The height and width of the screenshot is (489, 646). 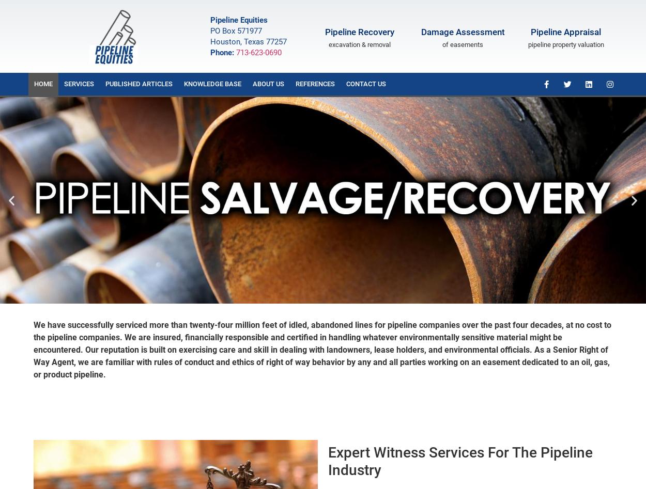 What do you see at coordinates (322, 349) in the screenshot?
I see `'We have successfully serviced more than twenty-four million feet of idled, abandoned lines for pipeline companies over the past four decades, at no cost to the pipeline companies. We are insured, financially responsible and certified in handling whatever environmentally sensitive material might be encountered. Our reputation is built on exercising care and skill in dealing with landowners, lease holders, and environmental officials. As a Senior Right of Way Agent, we are familiar with rules of conduct and ethics of right of way behavior by any and all parties working on an easement dedicated to an oil, gas, or product pipeline.'` at bounding box center [322, 349].